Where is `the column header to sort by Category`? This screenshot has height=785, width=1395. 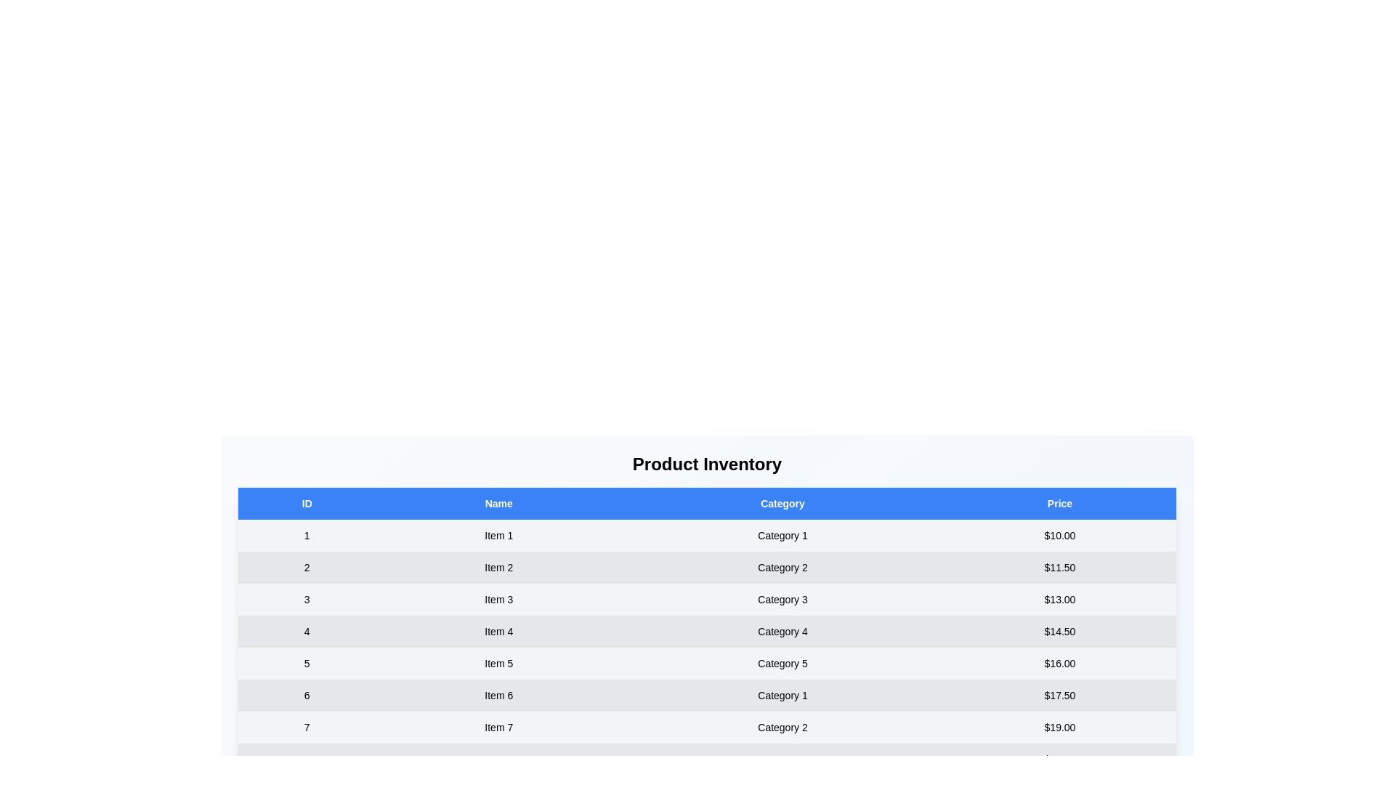 the column header to sort by Category is located at coordinates (782, 503).